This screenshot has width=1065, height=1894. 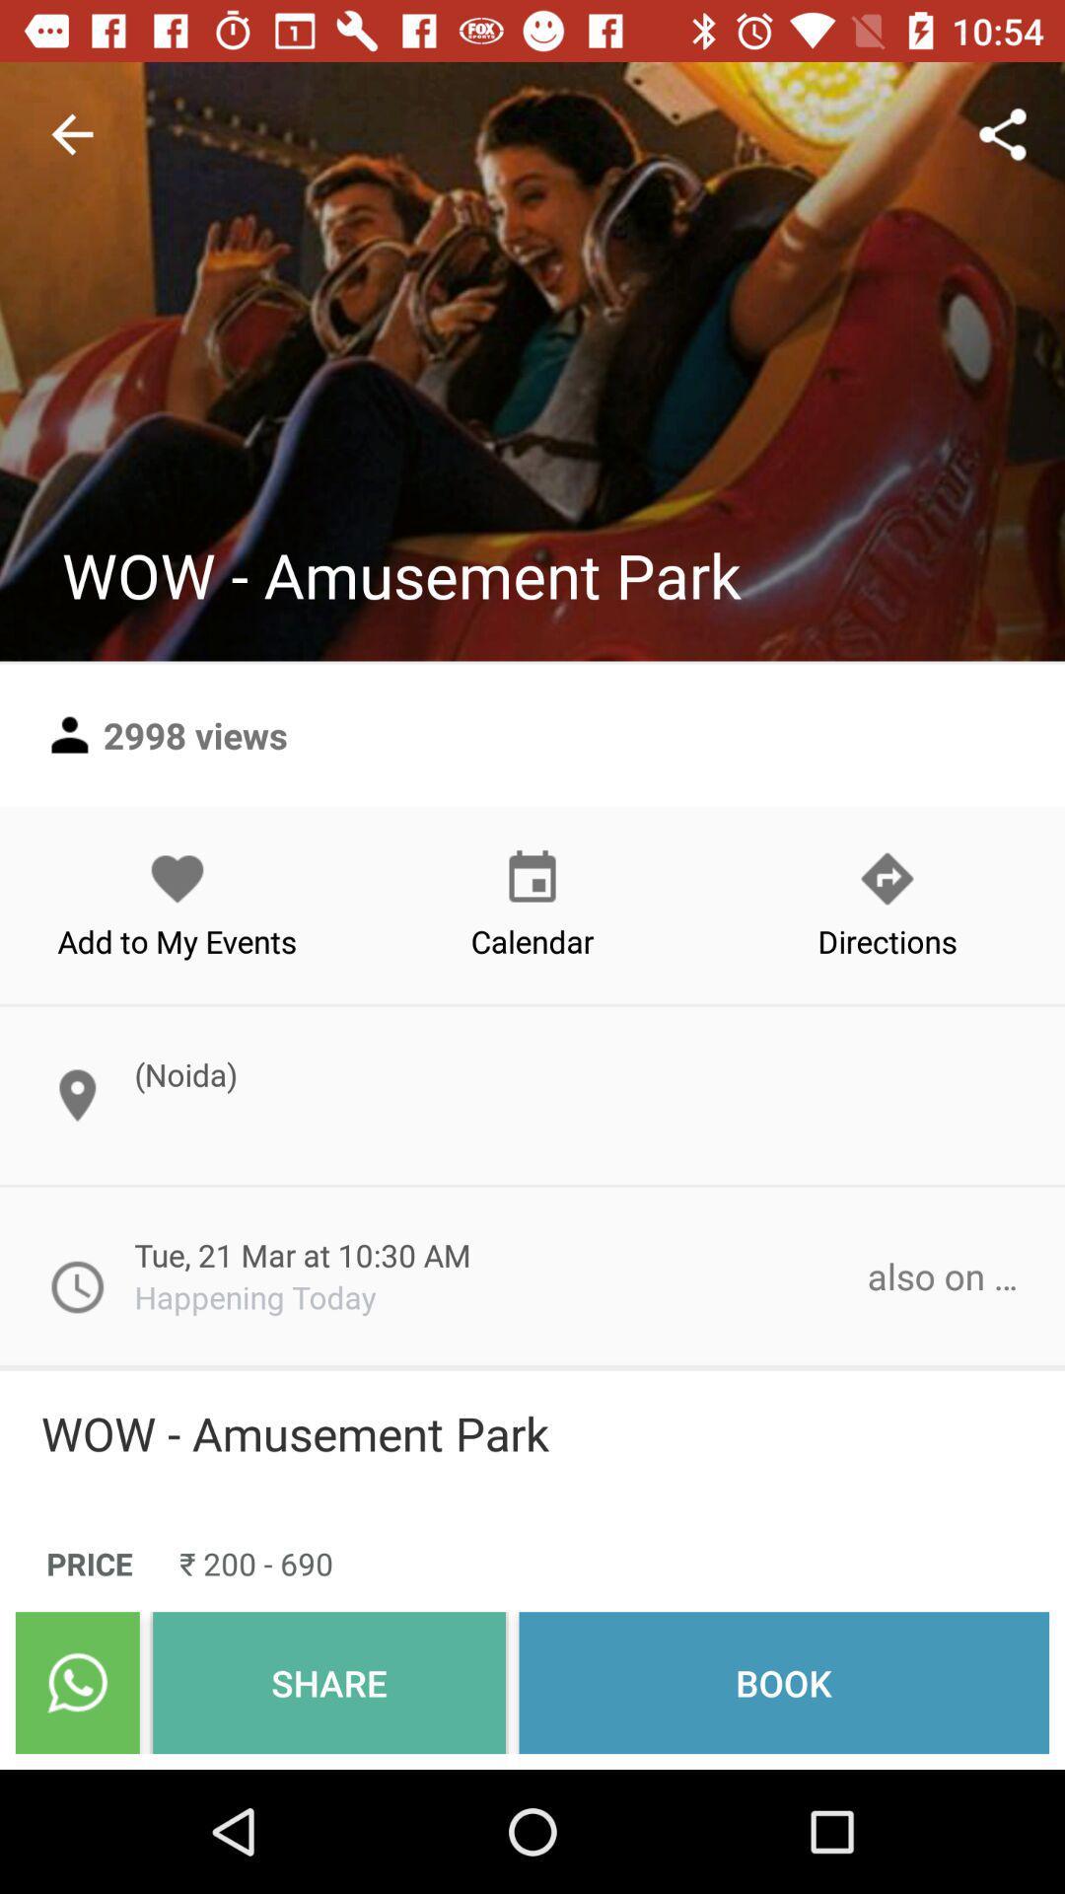 What do you see at coordinates (177, 904) in the screenshot?
I see `the icon next to calendar` at bounding box center [177, 904].